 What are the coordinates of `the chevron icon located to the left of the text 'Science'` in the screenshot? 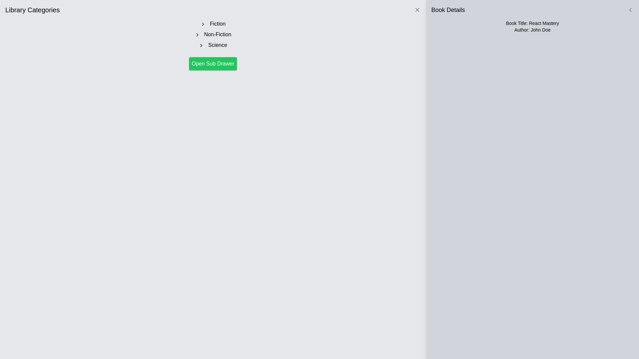 It's located at (201, 45).